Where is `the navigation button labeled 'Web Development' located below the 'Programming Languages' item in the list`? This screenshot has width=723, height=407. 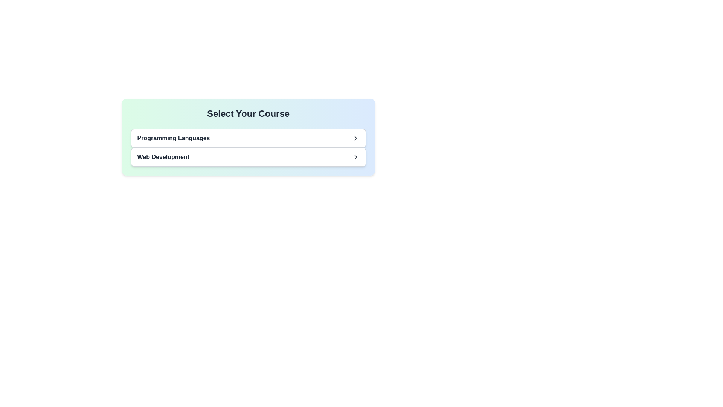
the navigation button labeled 'Web Development' located below the 'Programming Languages' item in the list is located at coordinates (248, 156).